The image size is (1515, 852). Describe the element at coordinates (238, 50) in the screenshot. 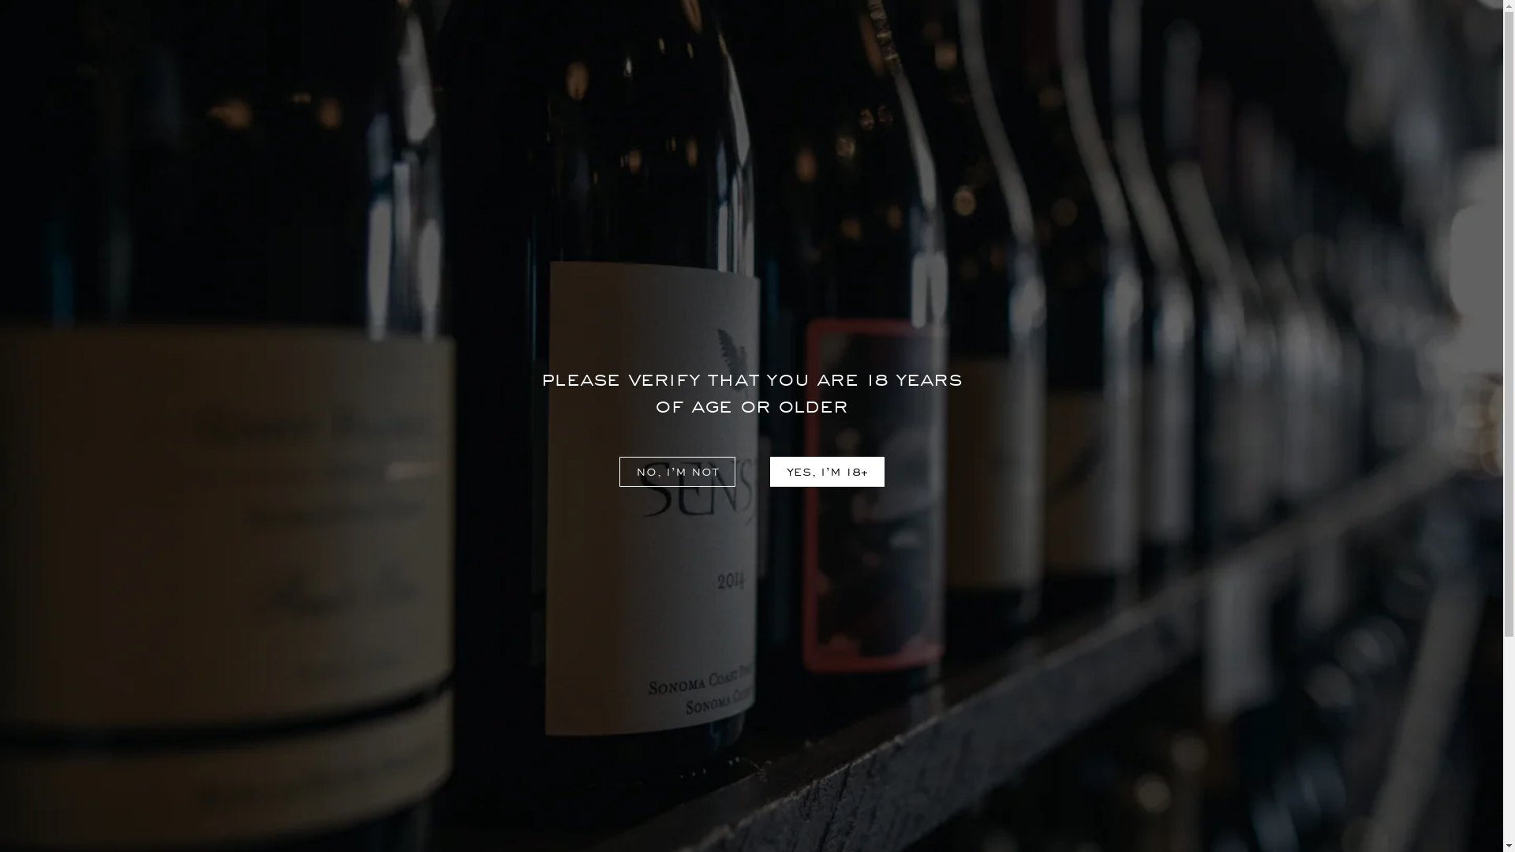

I see `'Wine Regions'` at that location.